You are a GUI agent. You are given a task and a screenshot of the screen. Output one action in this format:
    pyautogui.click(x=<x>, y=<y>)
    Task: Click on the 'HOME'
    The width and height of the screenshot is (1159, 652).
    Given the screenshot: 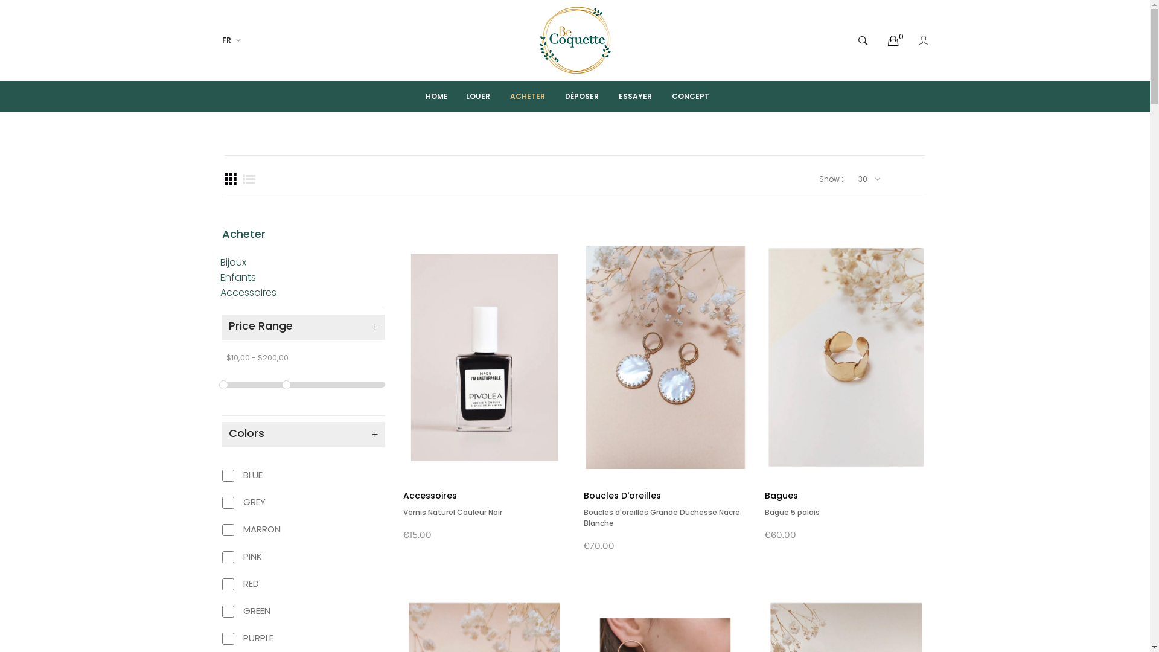 What is the action you would take?
    pyautogui.click(x=426, y=95)
    